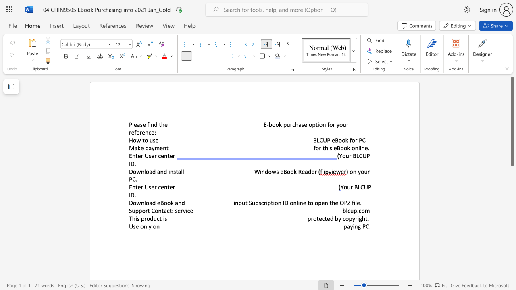 The image size is (516, 290). What do you see at coordinates (132, 124) in the screenshot?
I see `the subset text "le" within the text "Please find the"` at bounding box center [132, 124].